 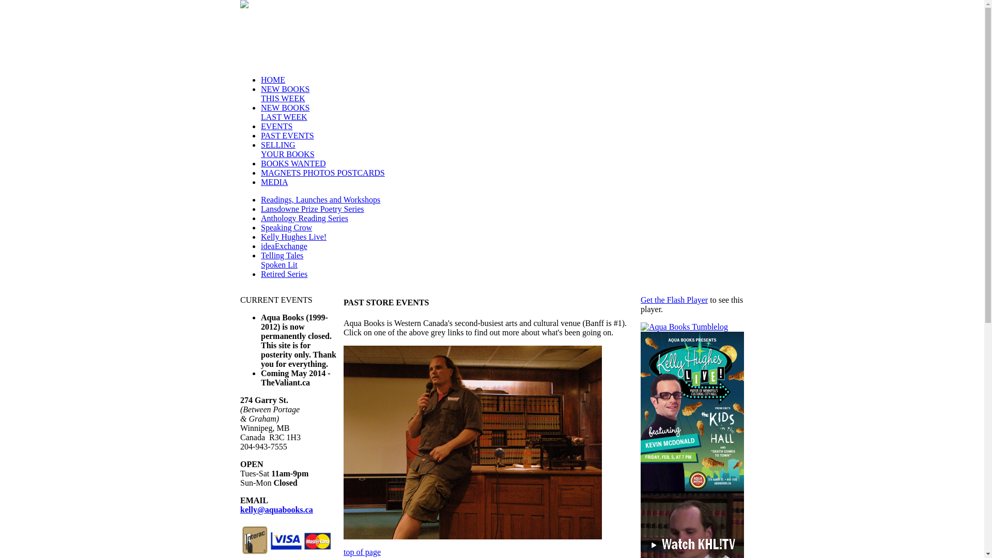 I want to click on 'EVENTS', so click(x=276, y=126).